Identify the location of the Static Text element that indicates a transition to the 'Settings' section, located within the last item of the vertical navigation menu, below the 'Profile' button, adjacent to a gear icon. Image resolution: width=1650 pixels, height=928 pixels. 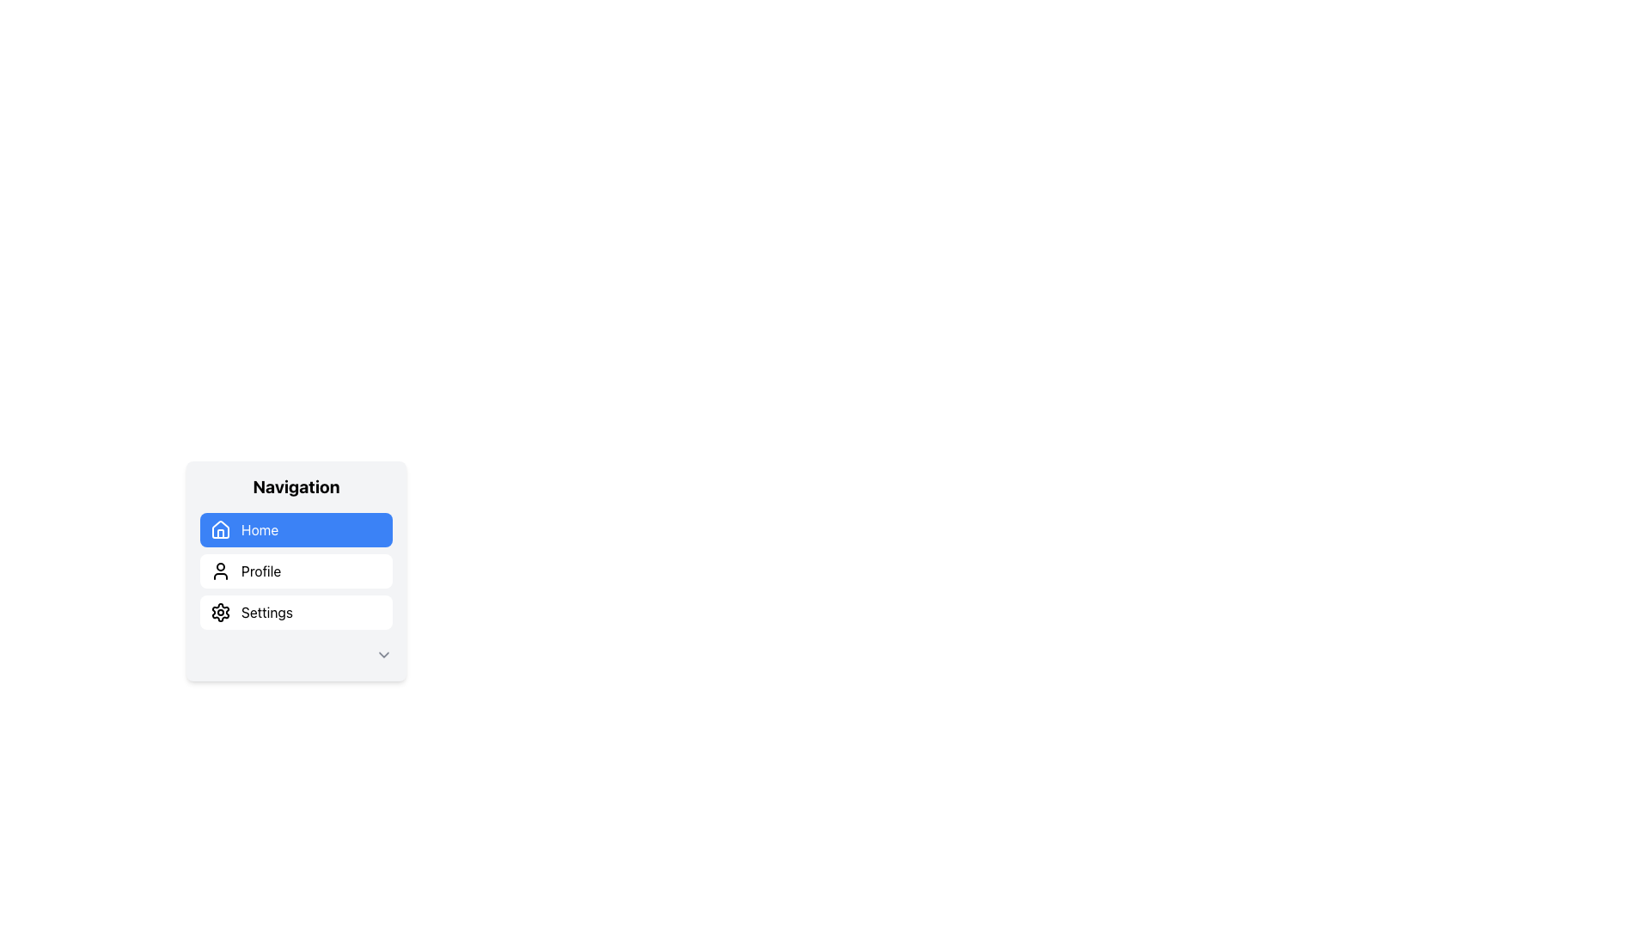
(266, 612).